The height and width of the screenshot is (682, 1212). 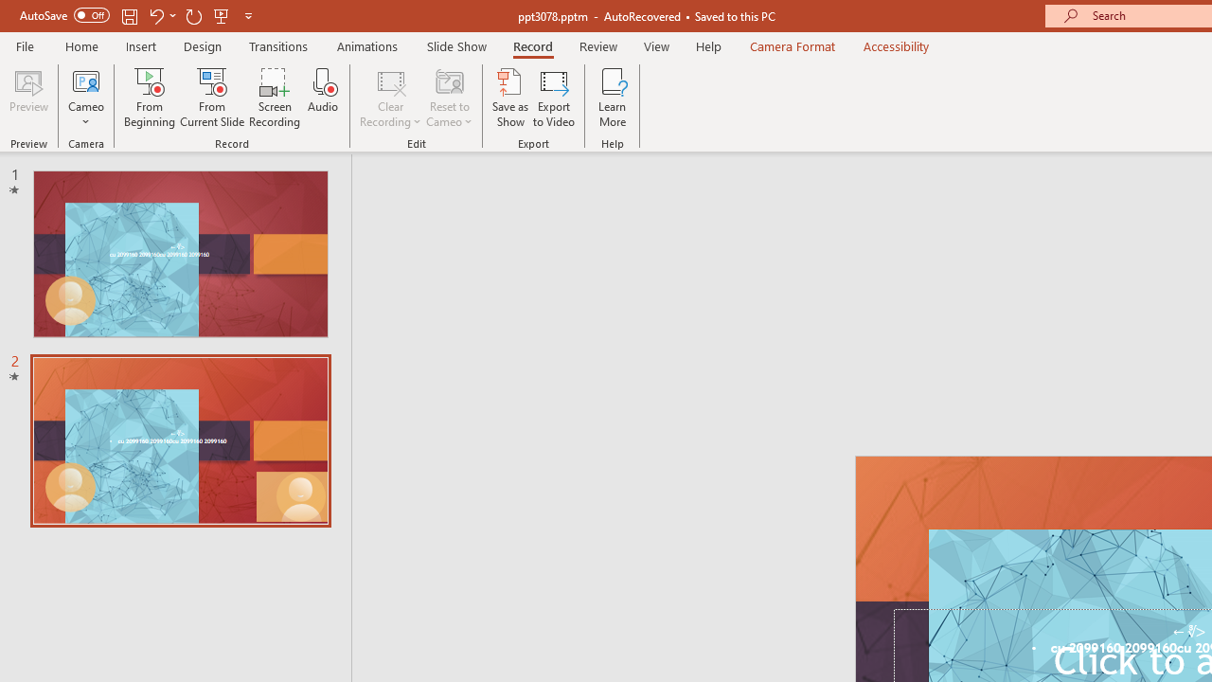 What do you see at coordinates (136, 15) in the screenshot?
I see `'Quick Access Toolbar'` at bounding box center [136, 15].